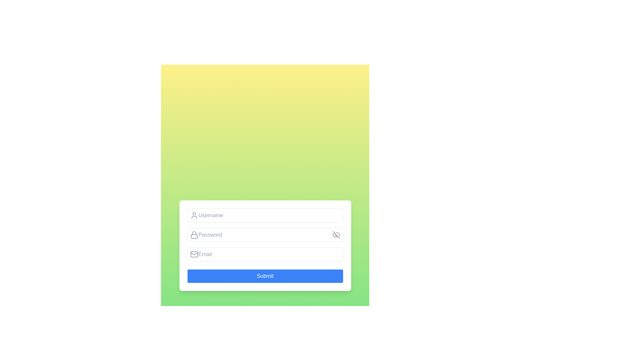 Image resolution: width=644 pixels, height=362 pixels. Describe the element at coordinates (194, 216) in the screenshot. I see `the user icon, which is a simplistic gray-outlined person icon located to the left of the 'Username' input field` at that location.